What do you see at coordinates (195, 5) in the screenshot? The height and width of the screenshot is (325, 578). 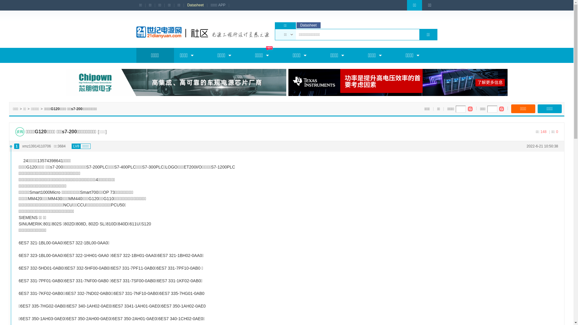 I see `'Datasheet'` at bounding box center [195, 5].